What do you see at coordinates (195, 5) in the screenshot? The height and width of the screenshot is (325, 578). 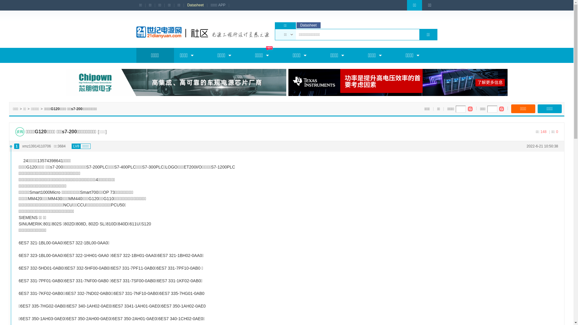 I see `'Datasheet'` at bounding box center [195, 5].